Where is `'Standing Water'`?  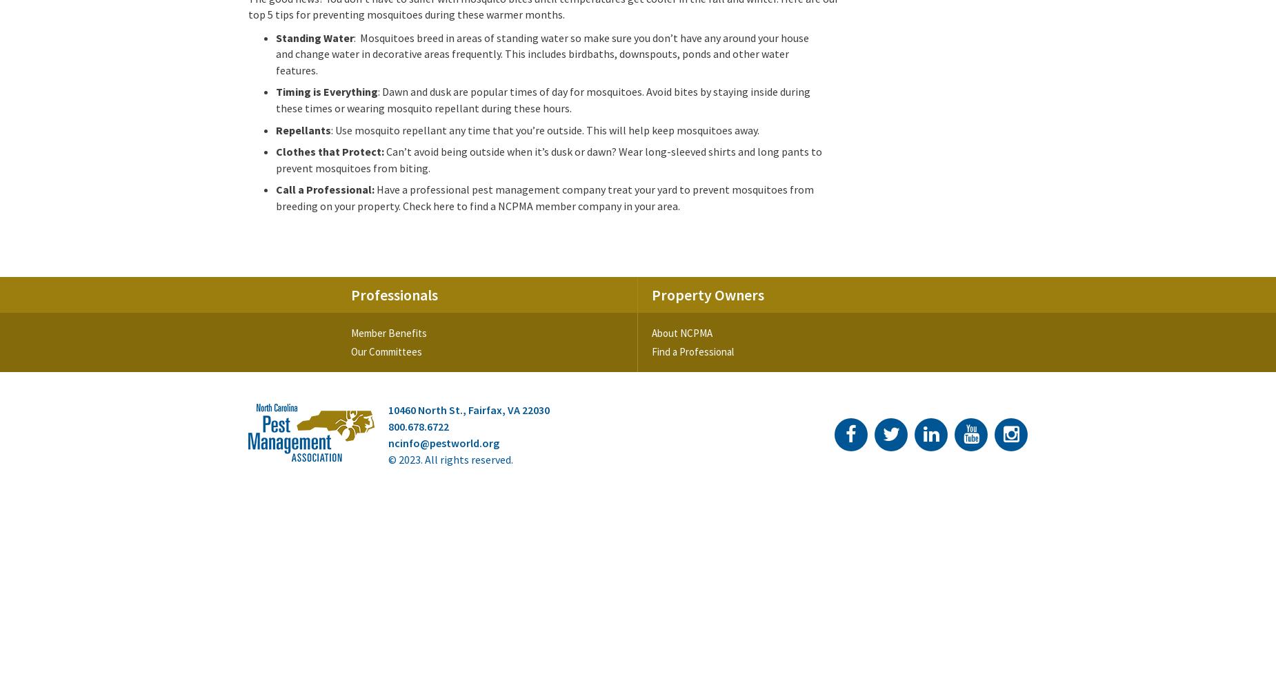 'Standing Water' is located at coordinates (314, 37).